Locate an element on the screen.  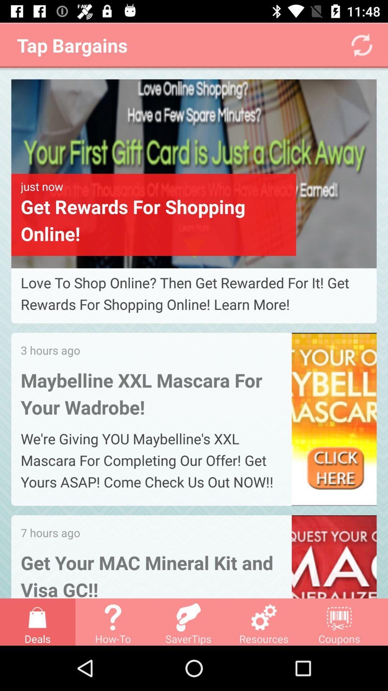
the symbol above deals is located at coordinates (37, 617).